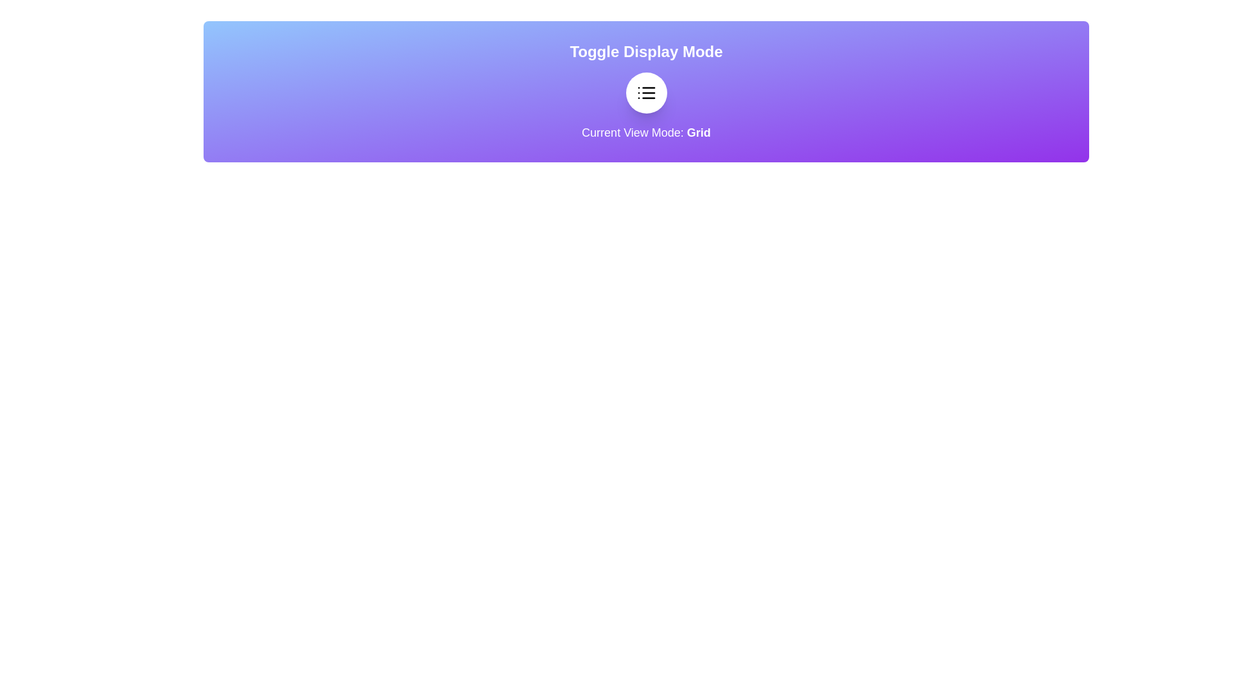 Image resolution: width=1233 pixels, height=693 pixels. Describe the element at coordinates (646, 92) in the screenshot. I see `the toggle button to switch between grid and list view modes` at that location.